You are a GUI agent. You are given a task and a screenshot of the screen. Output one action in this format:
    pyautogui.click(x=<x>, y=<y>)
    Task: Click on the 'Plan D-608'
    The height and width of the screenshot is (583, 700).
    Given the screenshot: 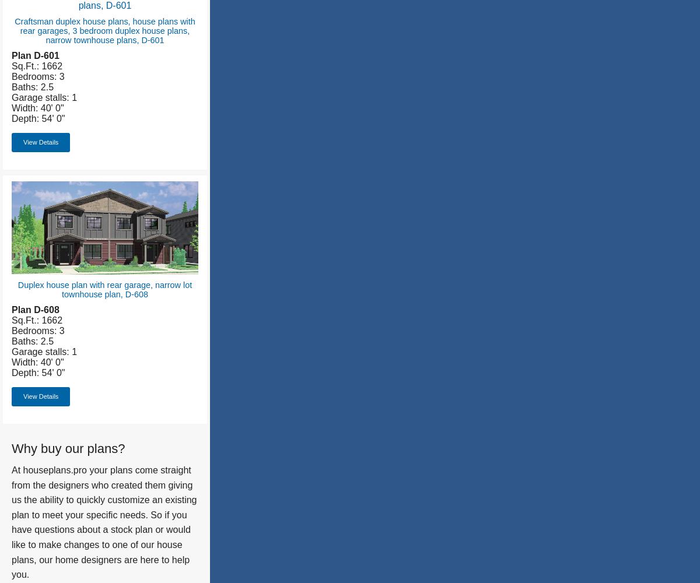 What is the action you would take?
    pyautogui.click(x=35, y=310)
    